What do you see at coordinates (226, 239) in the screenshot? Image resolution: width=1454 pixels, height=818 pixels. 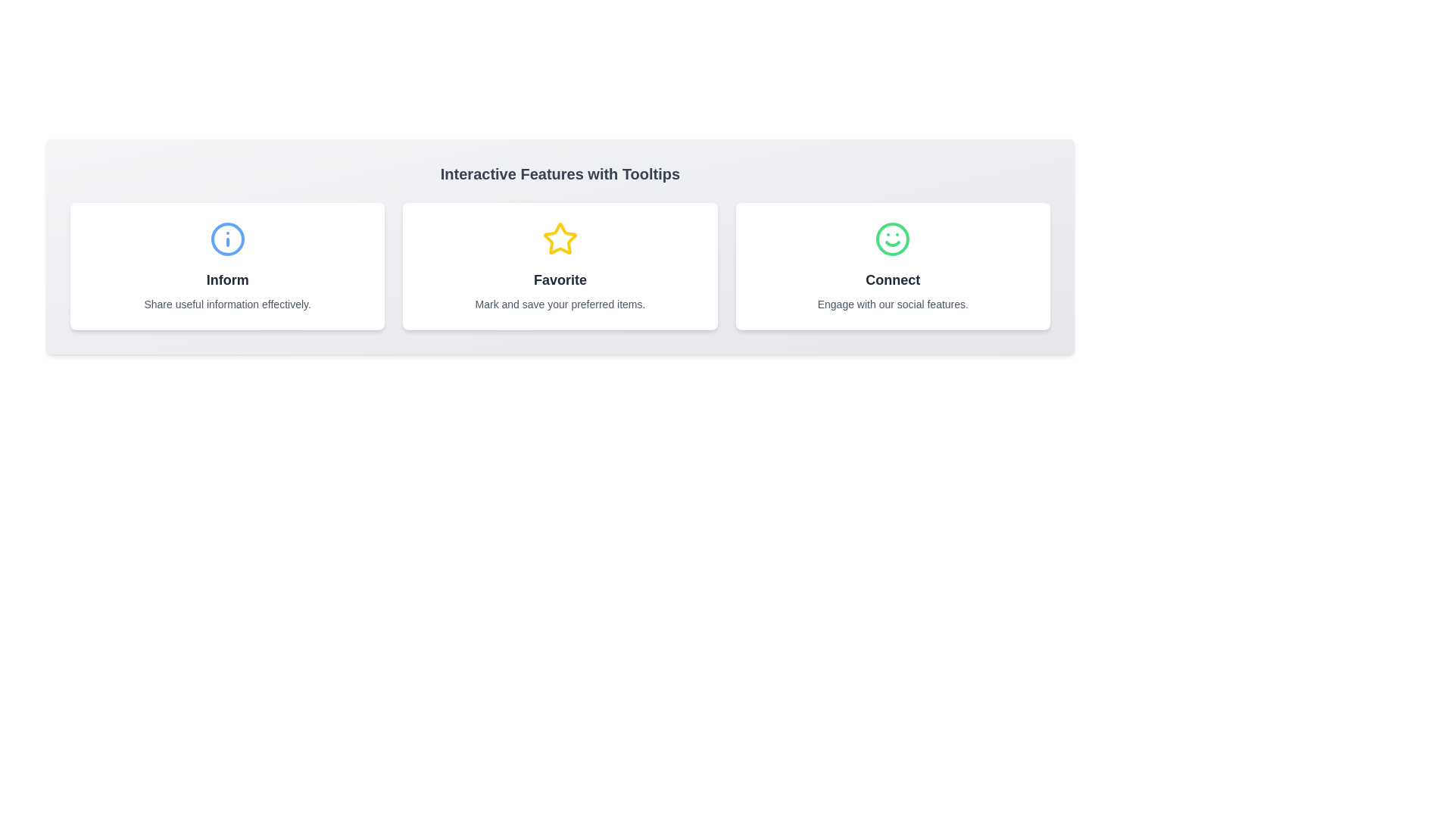 I see `the circular blue information icon with an 'i' symbol at the top-center of the 'Inform' card` at bounding box center [226, 239].